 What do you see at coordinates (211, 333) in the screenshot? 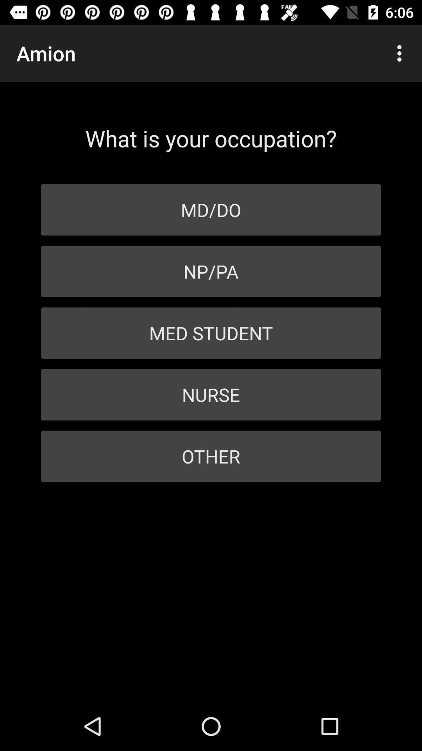
I see `the item below the np/pa item` at bounding box center [211, 333].